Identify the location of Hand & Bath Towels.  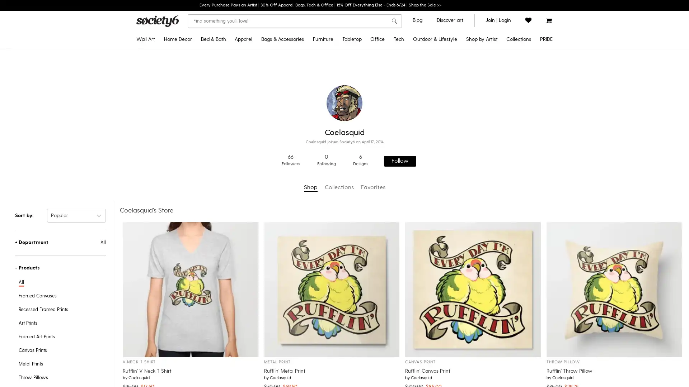
(229, 115).